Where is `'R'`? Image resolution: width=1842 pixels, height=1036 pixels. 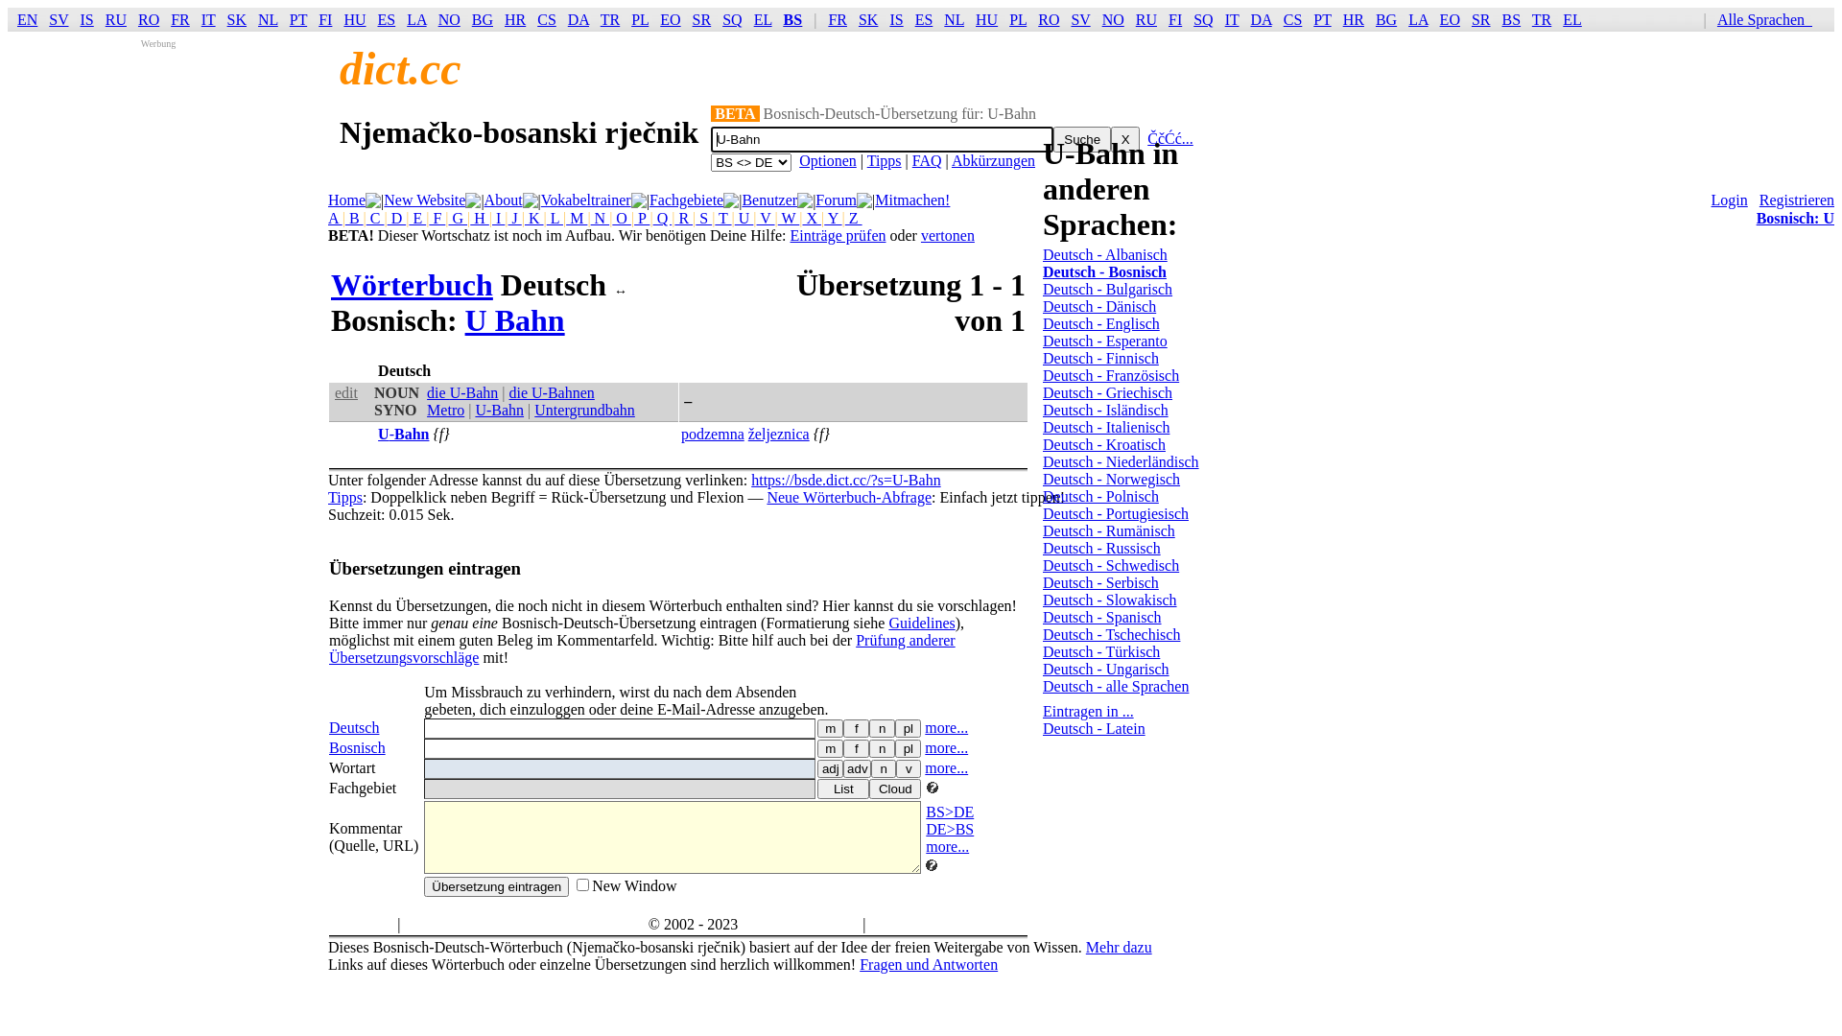 'R' is located at coordinates (683, 217).